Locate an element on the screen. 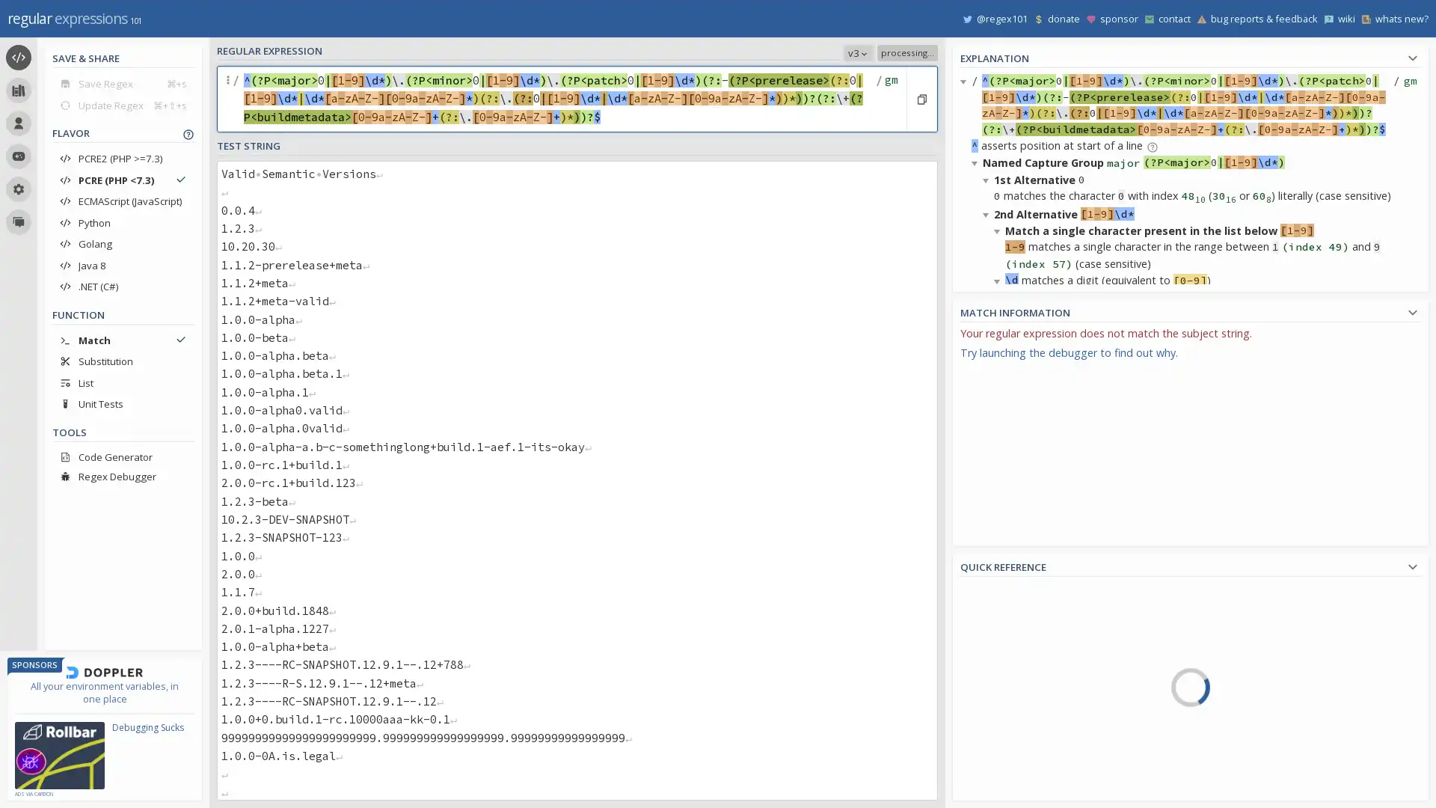 The image size is (1436, 808). Collapse Subtree is located at coordinates (966, 81).